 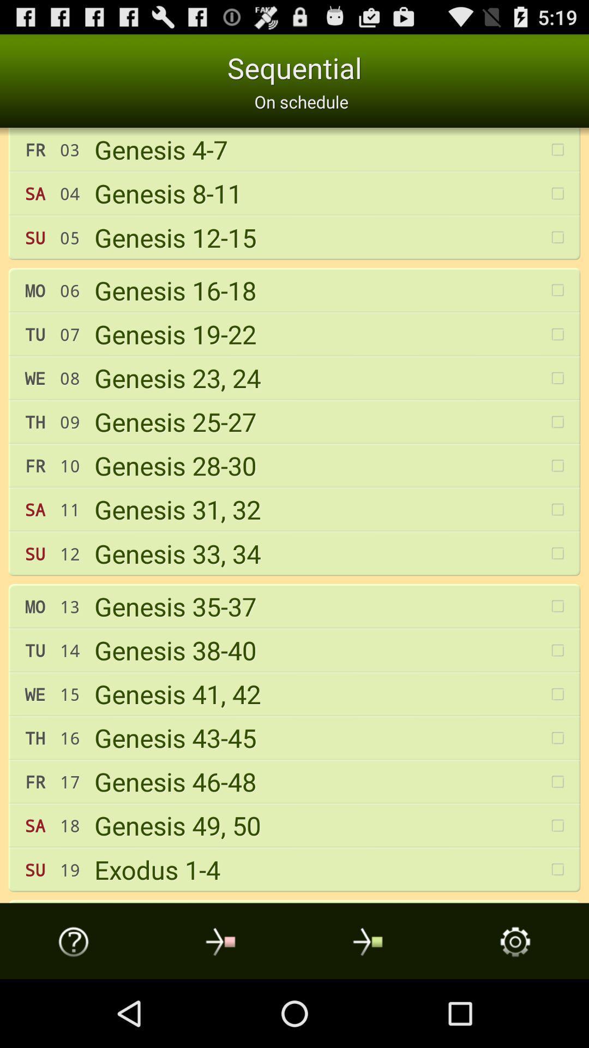 What do you see at coordinates (74, 1008) in the screenshot?
I see `the help icon` at bounding box center [74, 1008].